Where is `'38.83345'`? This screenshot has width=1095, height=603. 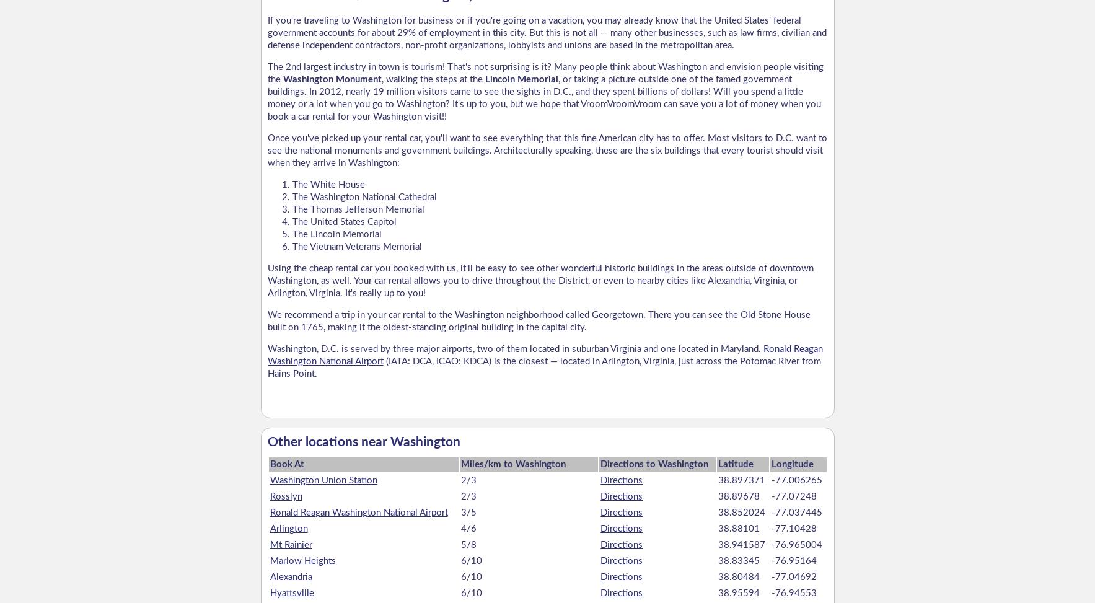
'38.83345' is located at coordinates (737, 560).